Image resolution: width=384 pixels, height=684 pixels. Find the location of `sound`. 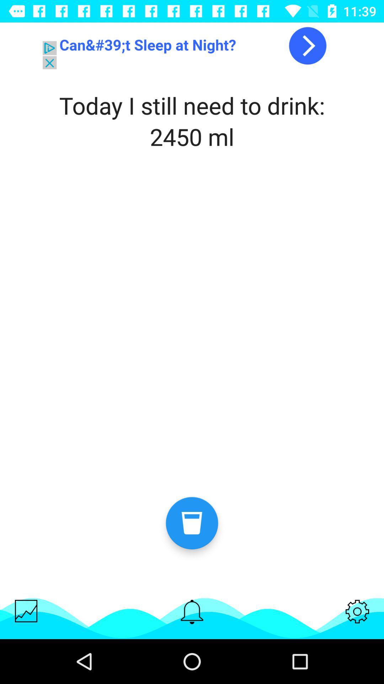

sound is located at coordinates (192, 611).